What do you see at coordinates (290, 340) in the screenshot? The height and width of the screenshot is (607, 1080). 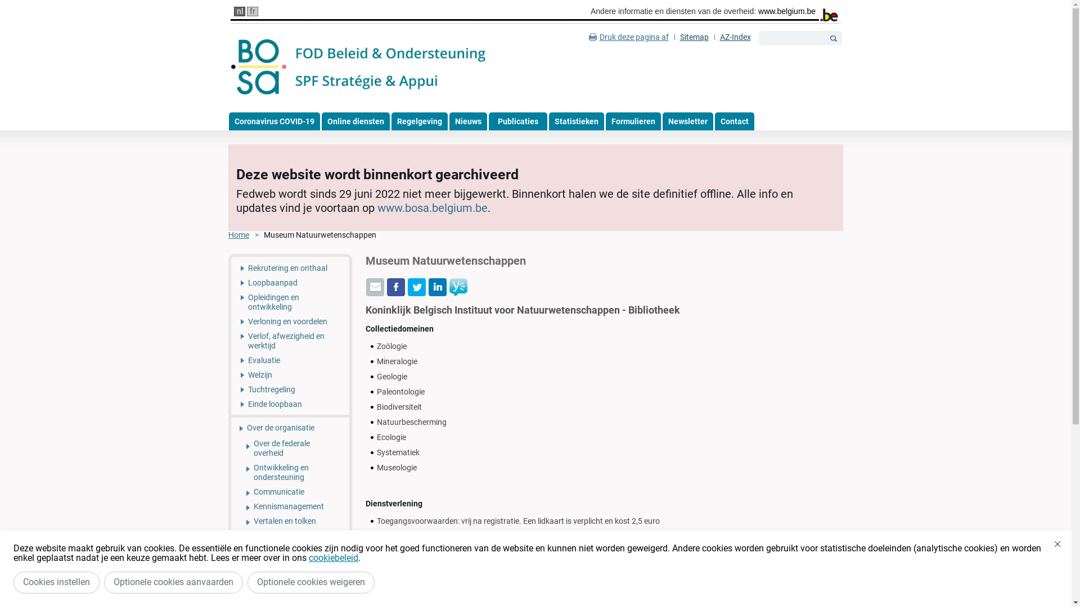 I see `'Verlof, afwezigheid en werktijd'` at bounding box center [290, 340].